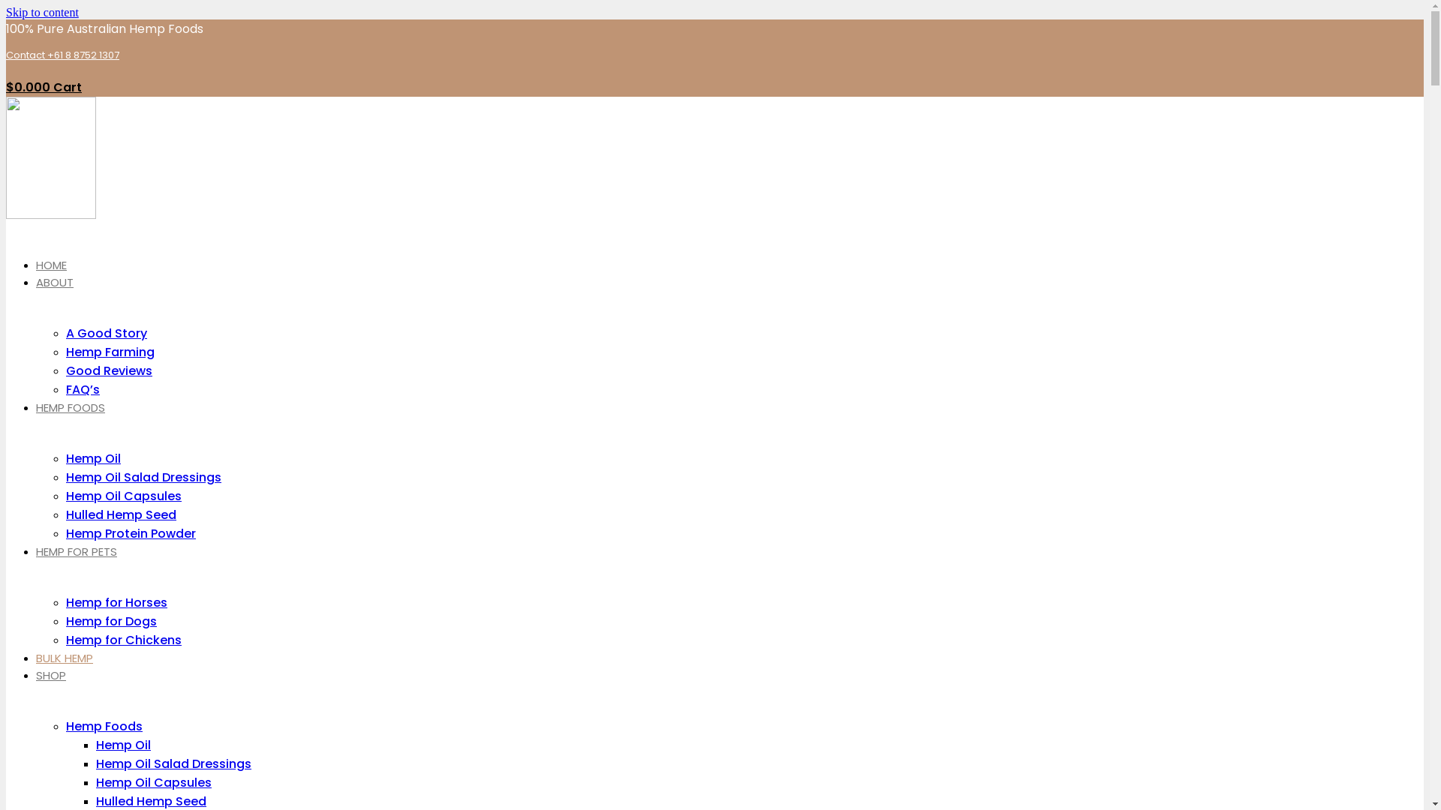 The height and width of the screenshot is (810, 1441). Describe the element at coordinates (154, 781) in the screenshot. I see `'Hemp Oil Capsules'` at that location.